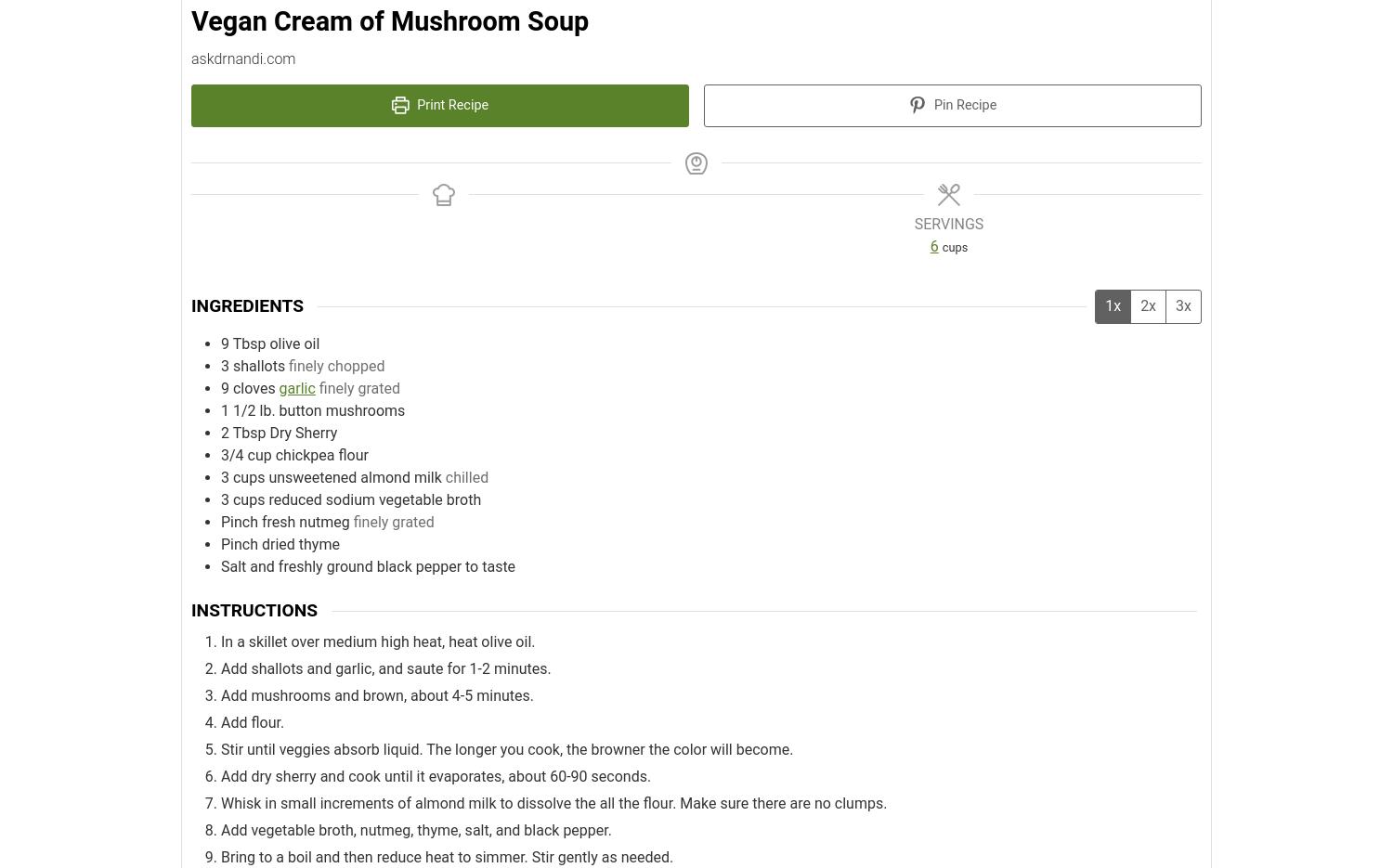  What do you see at coordinates (449, 104) in the screenshot?
I see `'Print Recipe'` at bounding box center [449, 104].